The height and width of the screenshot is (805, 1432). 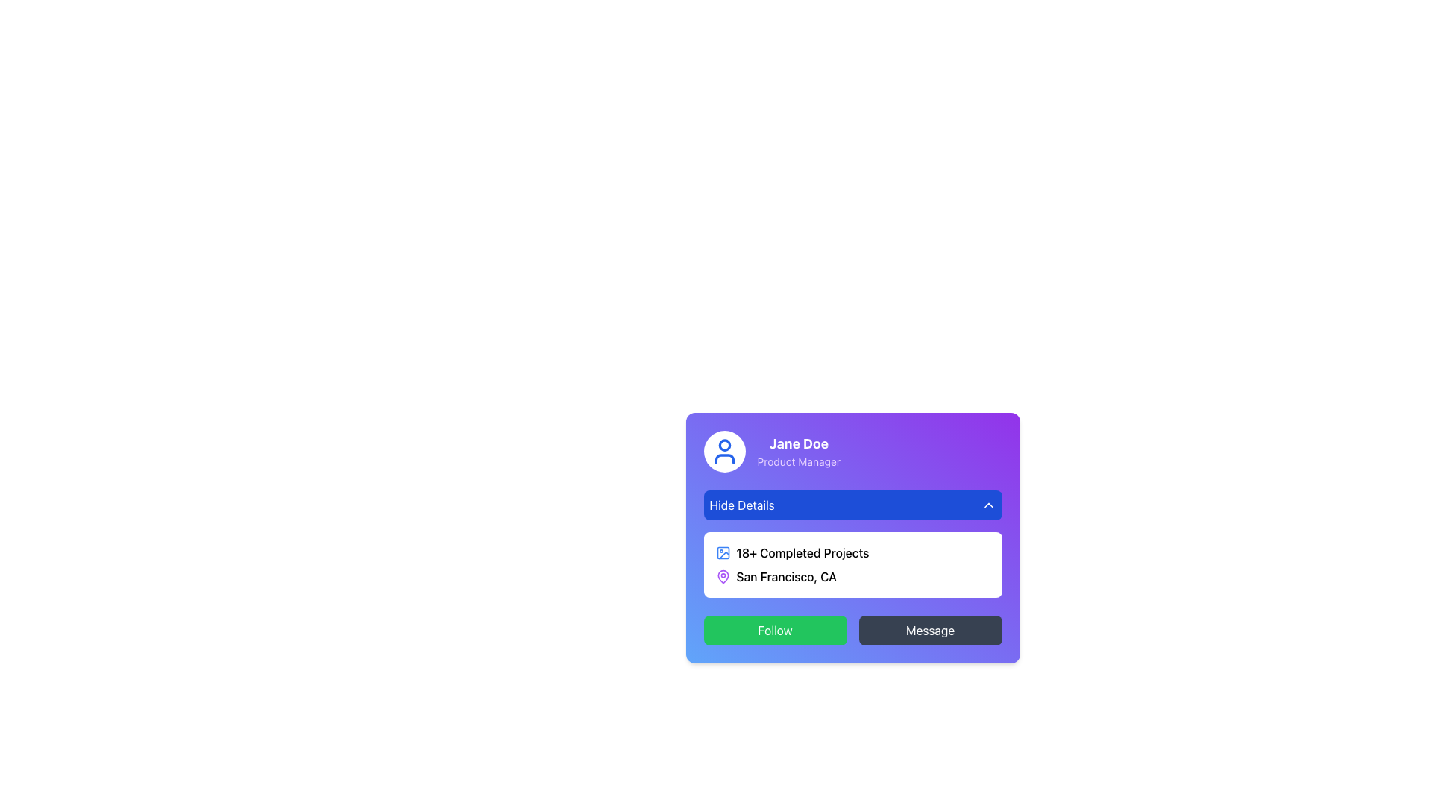 I want to click on the static text label displaying 'San Francisco, CA', which is located in the user profile section of the card and positioned to the right of a pin icon, so click(x=785, y=576).